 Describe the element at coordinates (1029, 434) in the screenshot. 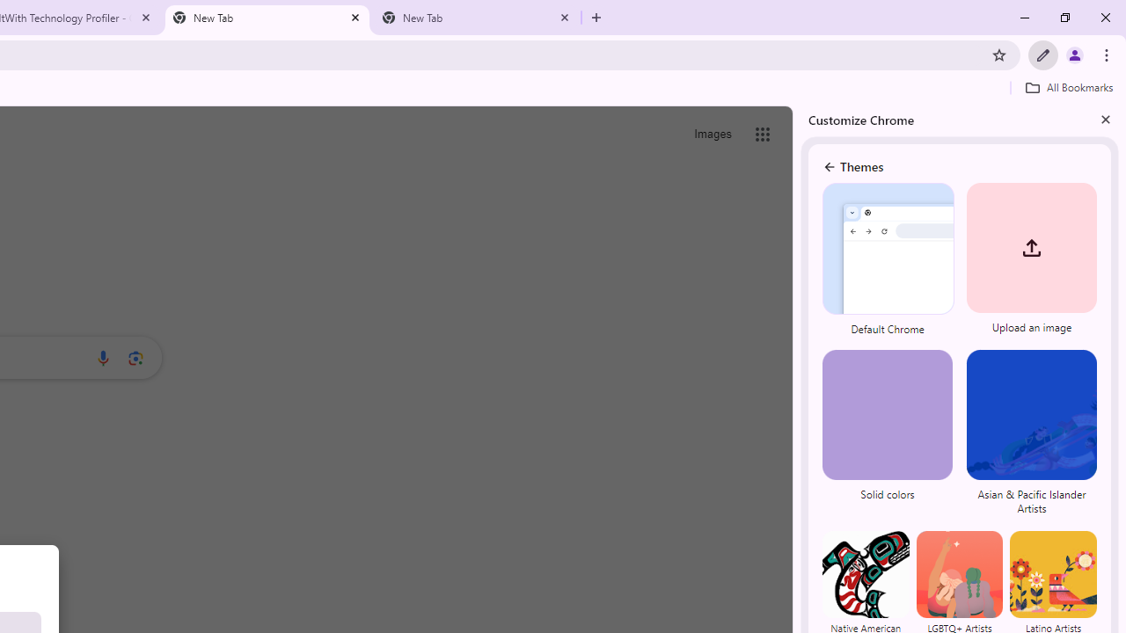

I see `'Asian & Pacific Islander Artists'` at that location.